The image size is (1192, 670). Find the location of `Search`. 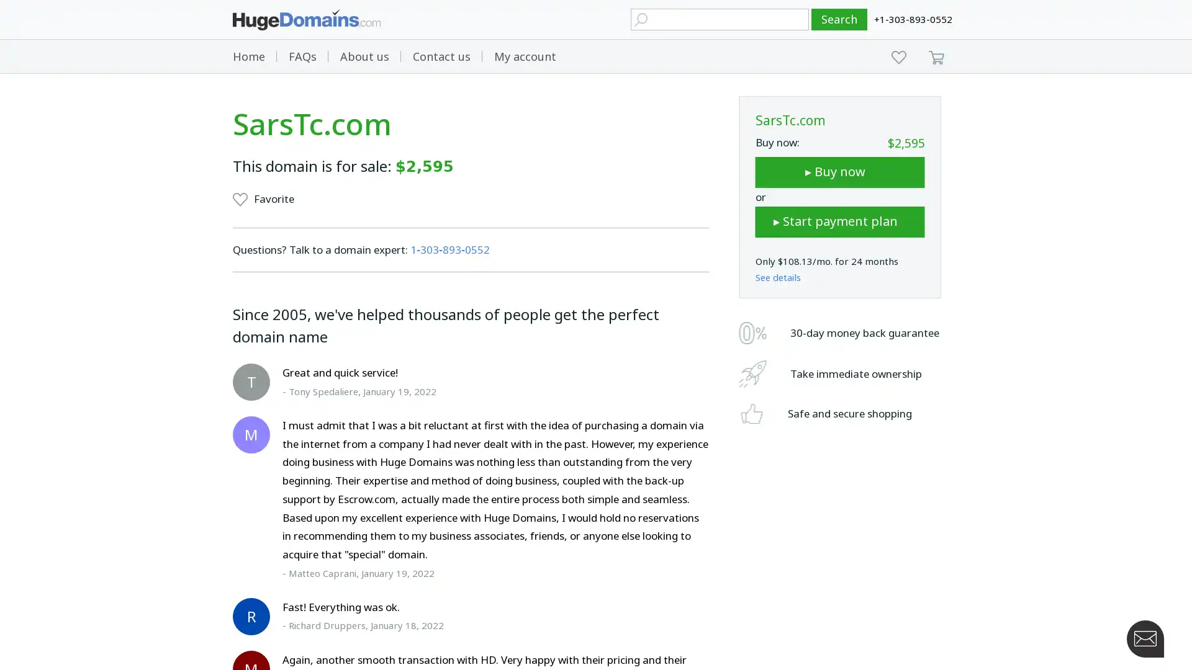

Search is located at coordinates (839, 19).